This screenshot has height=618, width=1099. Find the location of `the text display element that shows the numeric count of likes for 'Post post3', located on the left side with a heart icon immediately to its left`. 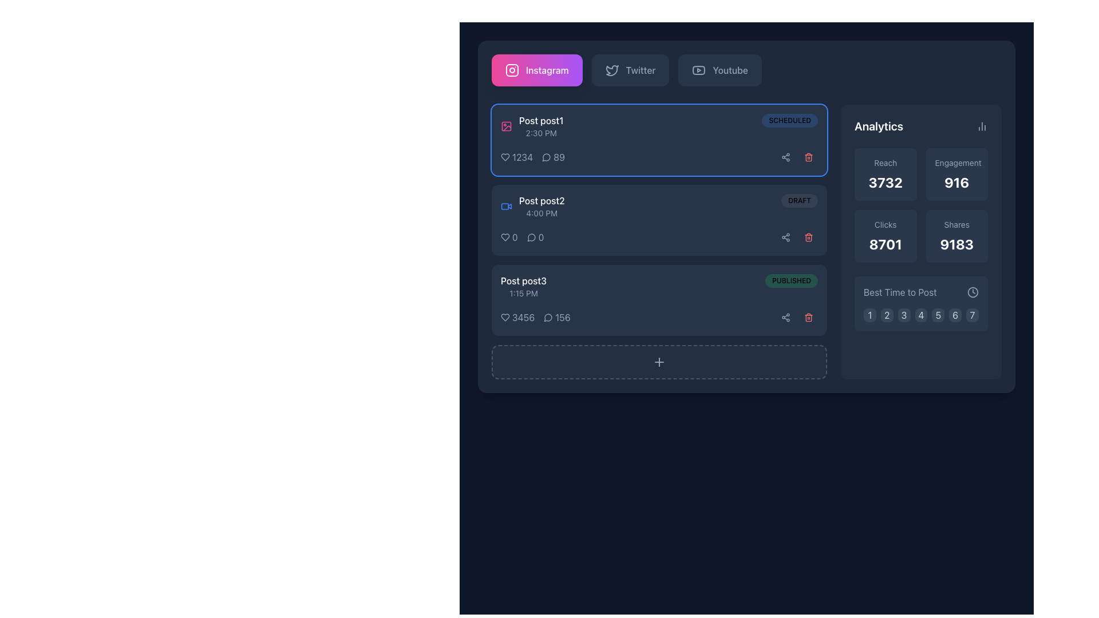

the text display element that shows the numeric count of likes for 'Post post3', located on the left side with a heart icon immediately to its left is located at coordinates (517, 318).